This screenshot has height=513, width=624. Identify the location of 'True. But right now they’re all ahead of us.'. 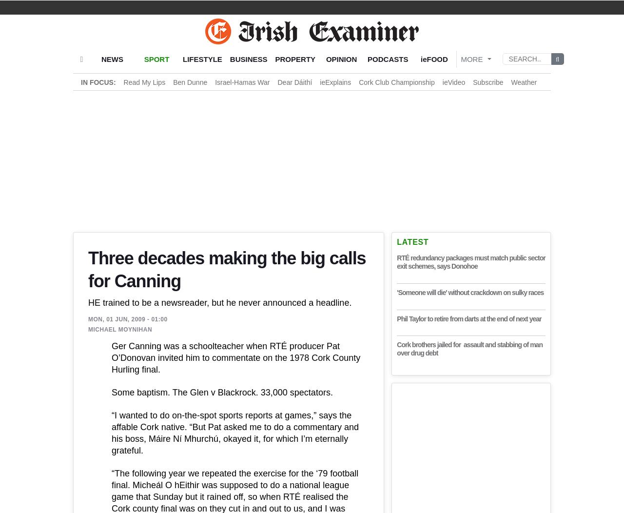
(194, 443).